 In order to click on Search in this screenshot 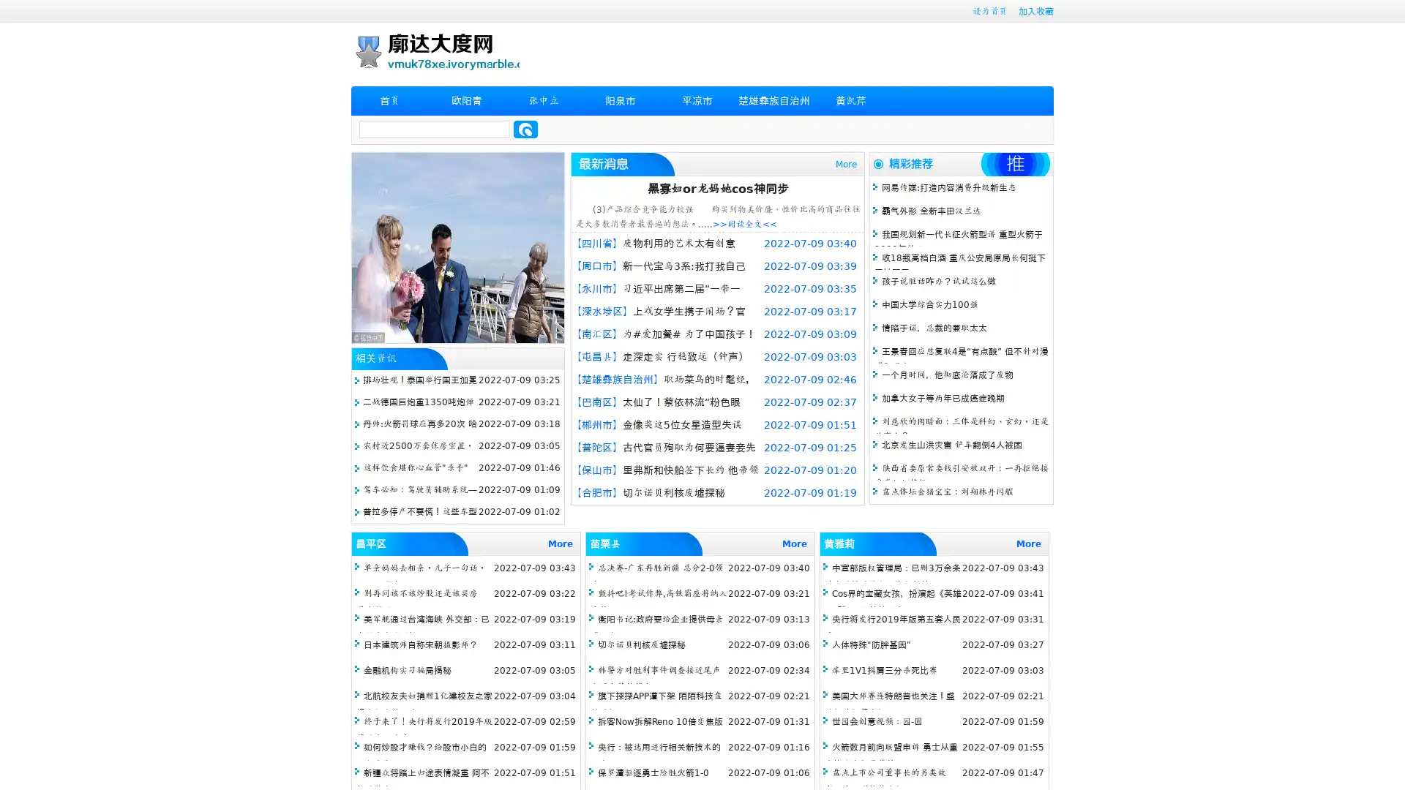, I will do `click(525, 129)`.